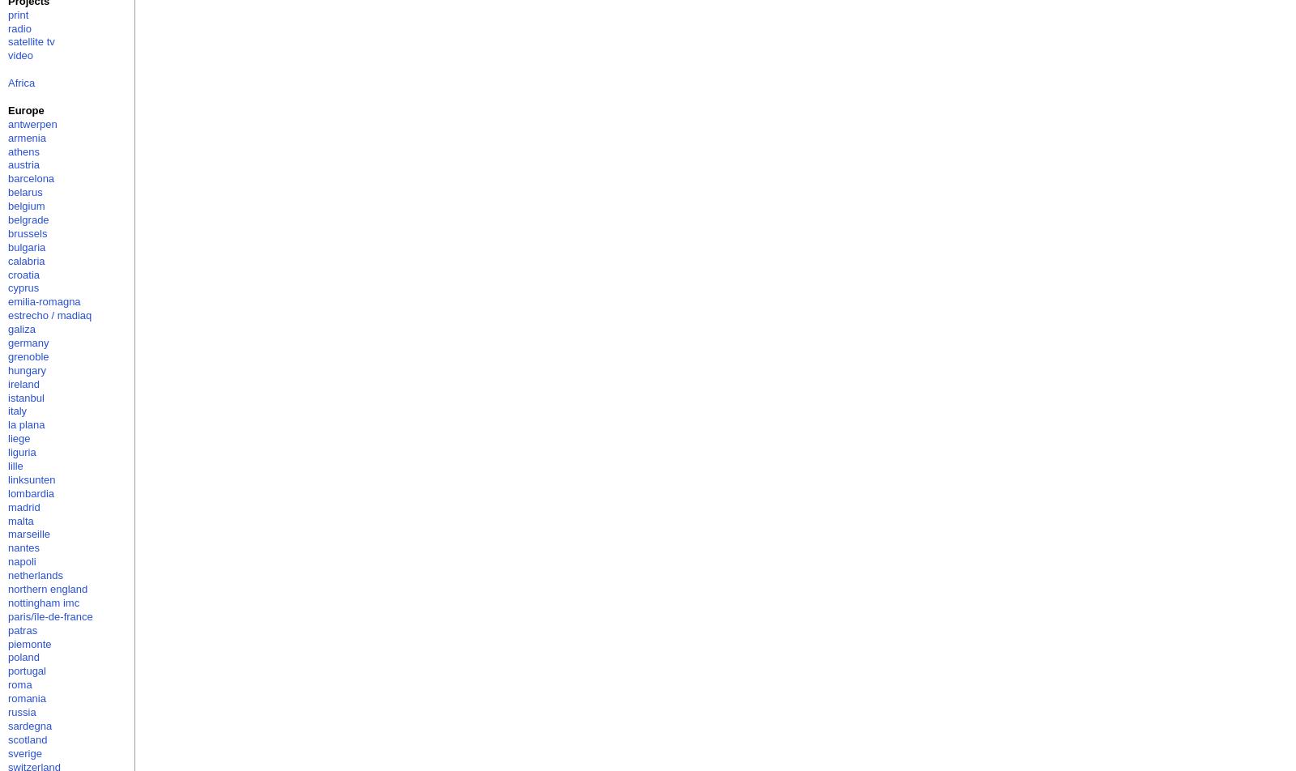 The image size is (1296, 771). I want to click on 'barcelona', so click(30, 178).